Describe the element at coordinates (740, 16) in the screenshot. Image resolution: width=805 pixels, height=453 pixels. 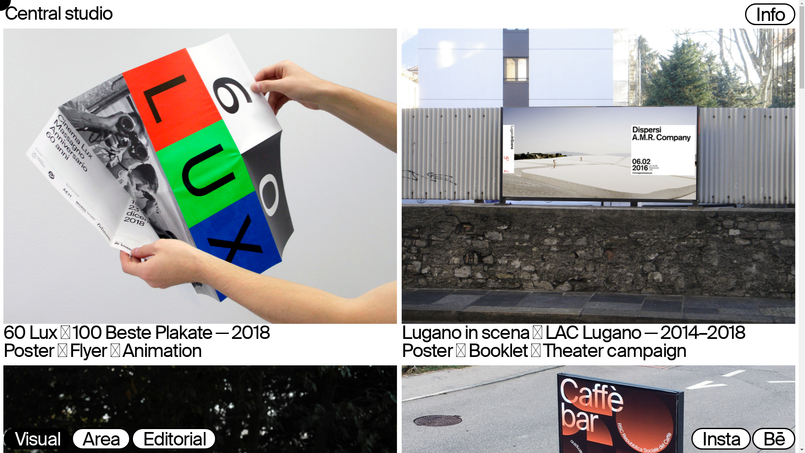
I see `'  '` at that location.